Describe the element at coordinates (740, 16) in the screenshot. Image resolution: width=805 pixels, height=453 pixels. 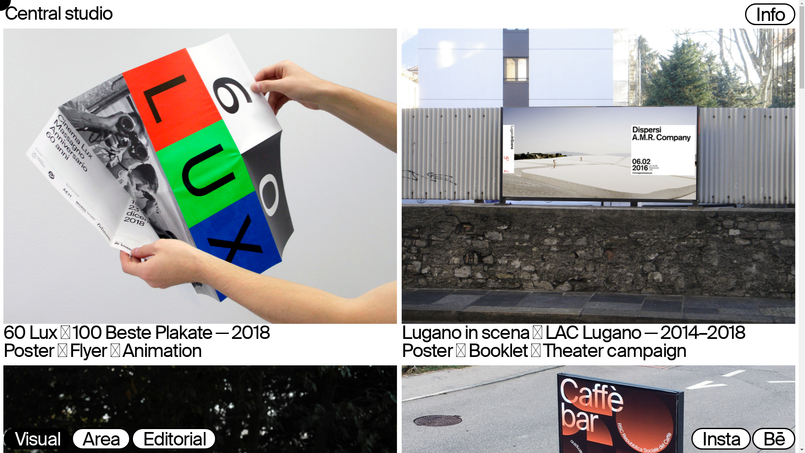
I see `'  '` at that location.